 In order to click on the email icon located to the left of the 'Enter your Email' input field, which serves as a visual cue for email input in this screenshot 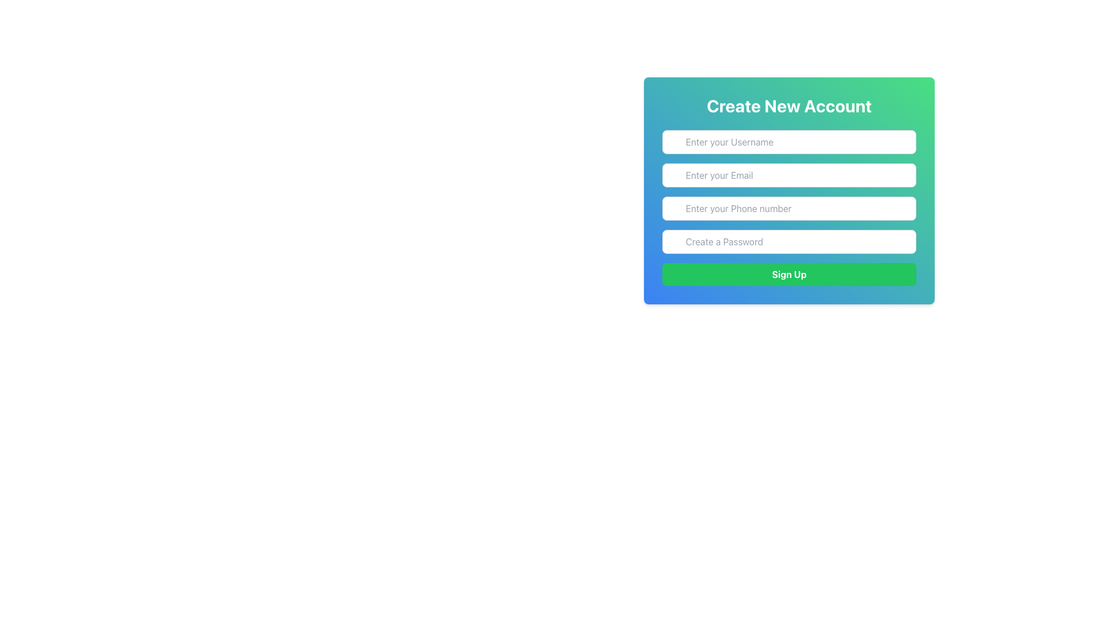, I will do `click(674, 176)`.